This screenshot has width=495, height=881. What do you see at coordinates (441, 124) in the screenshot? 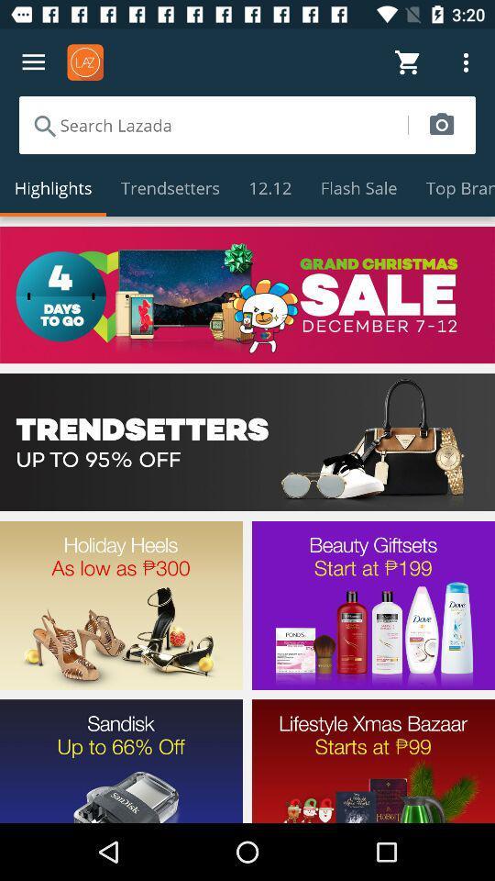
I see `access camera` at bounding box center [441, 124].